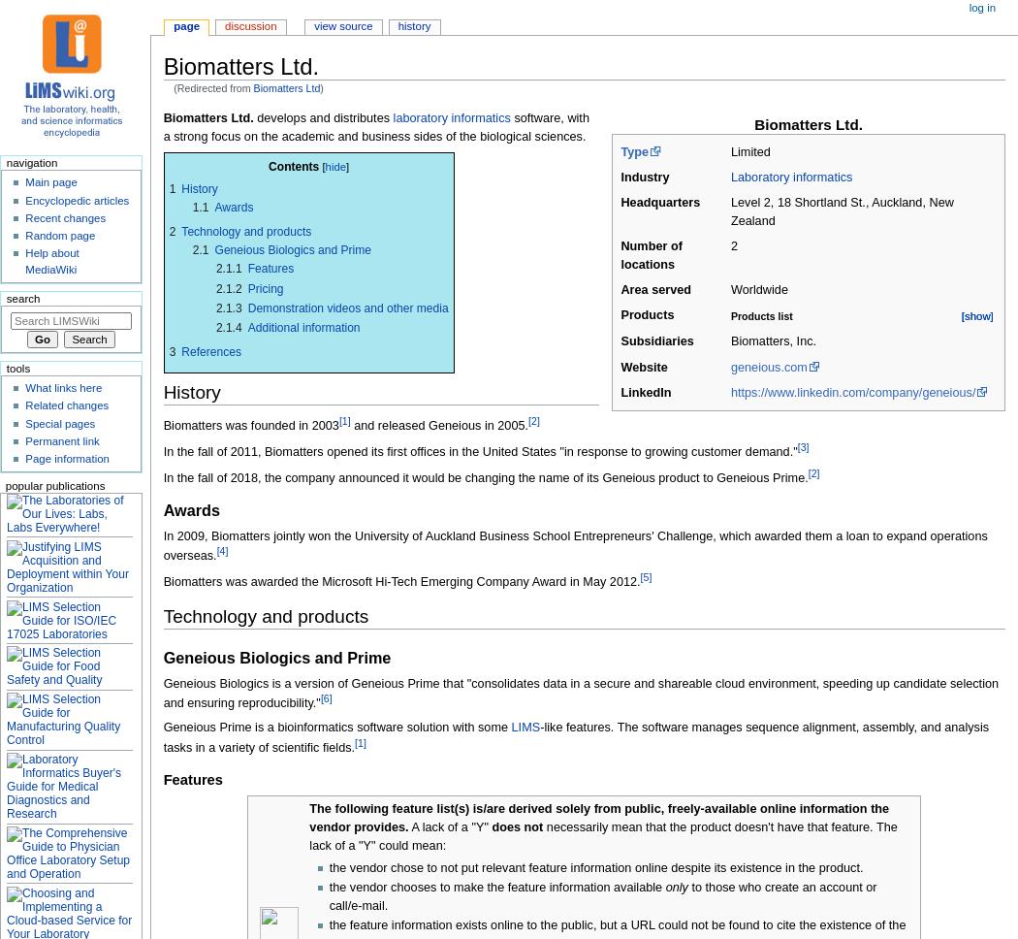 This screenshot has width=1018, height=939. I want to click on 'geneious.com', so click(767, 366).